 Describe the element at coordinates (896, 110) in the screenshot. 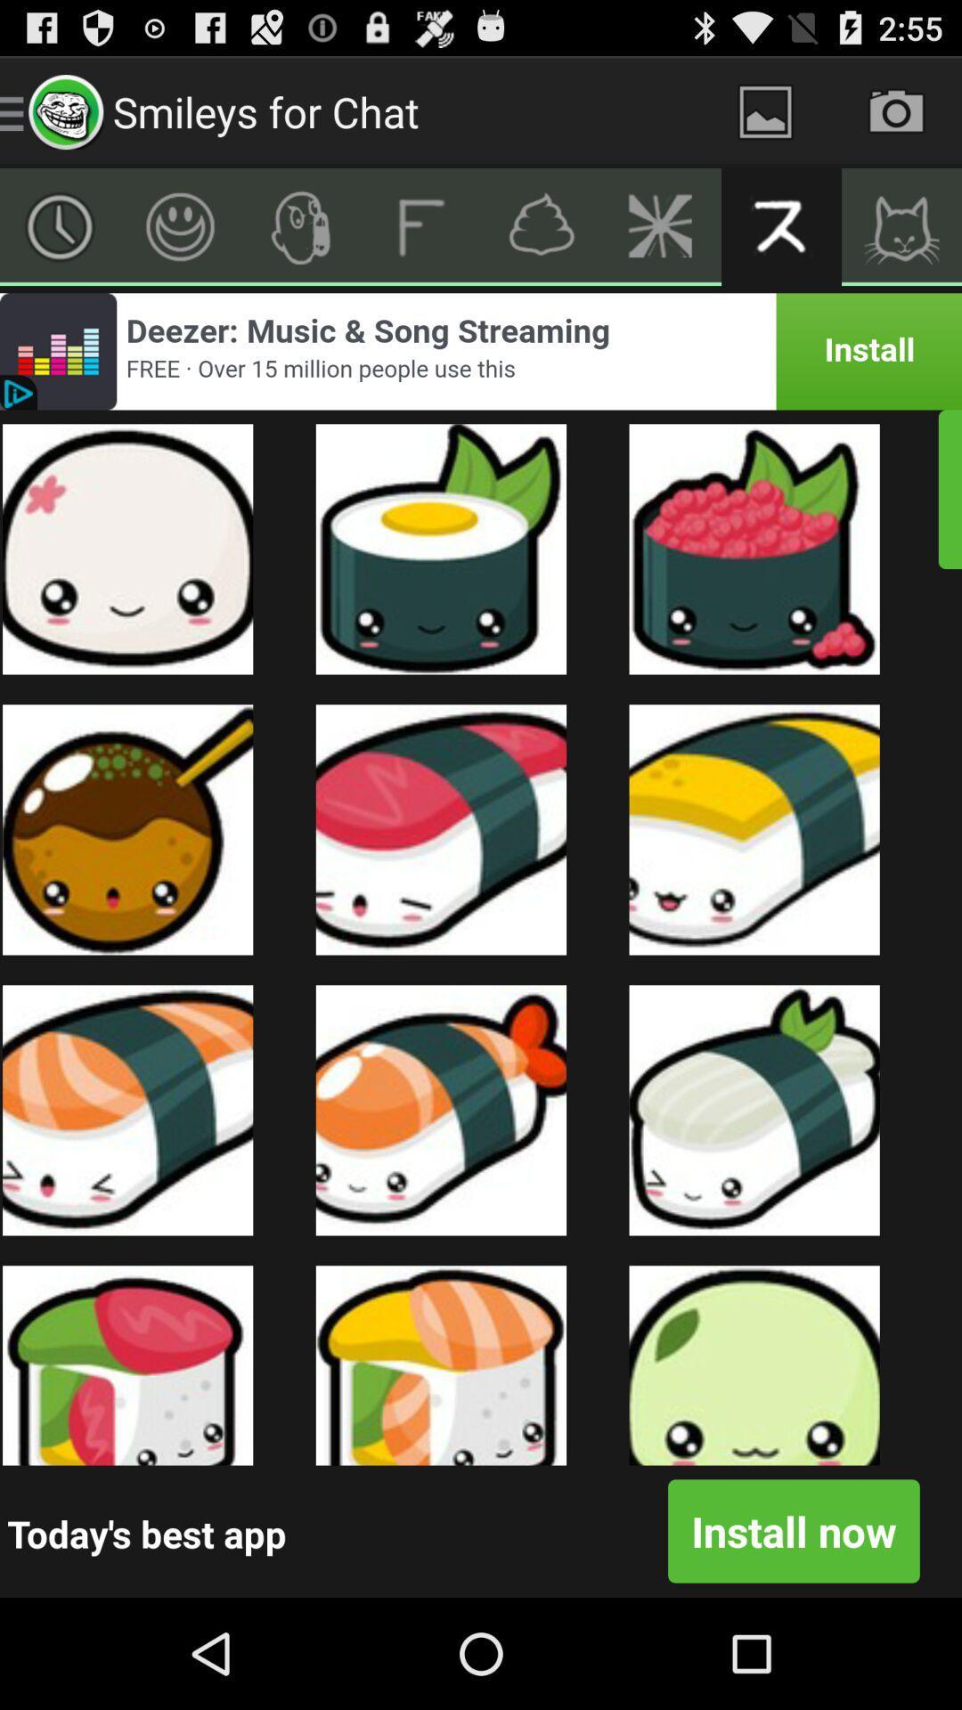

I see `camera` at that location.